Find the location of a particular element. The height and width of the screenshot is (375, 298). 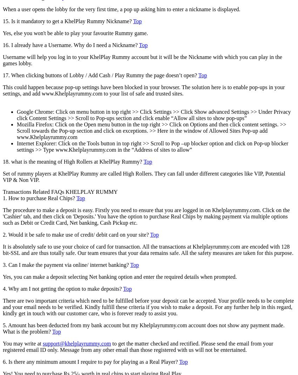

'6. Is there any minimum amount I require to pay for playing as a Real Player?' is located at coordinates (2, 361).